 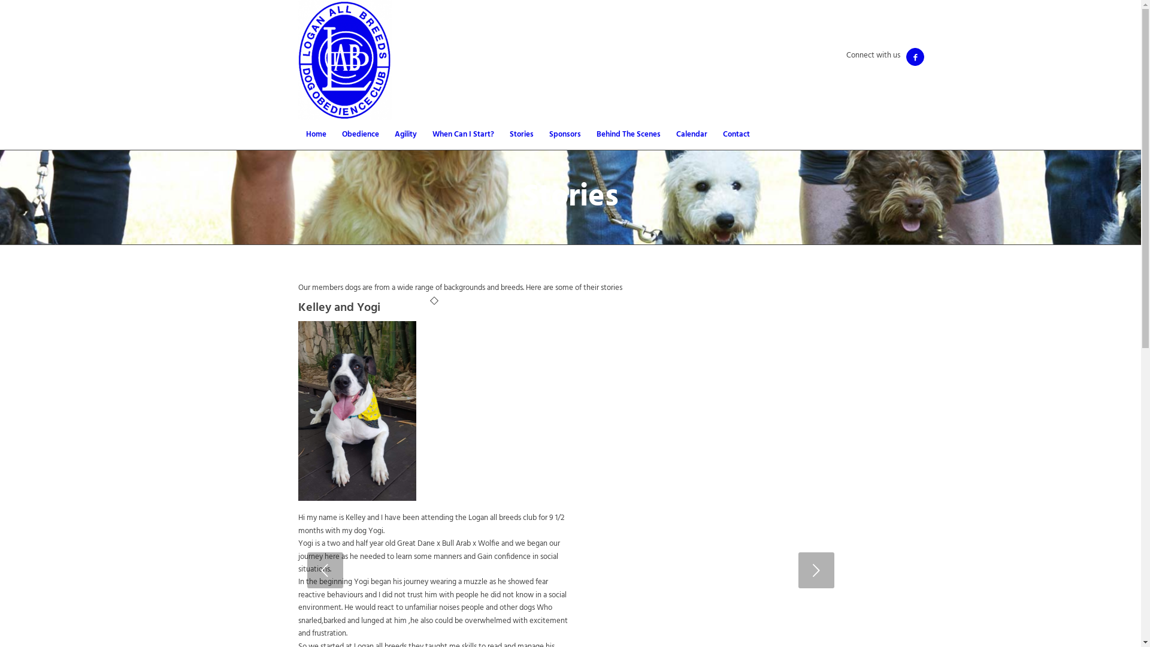 I want to click on 'Obedience', so click(x=359, y=134).